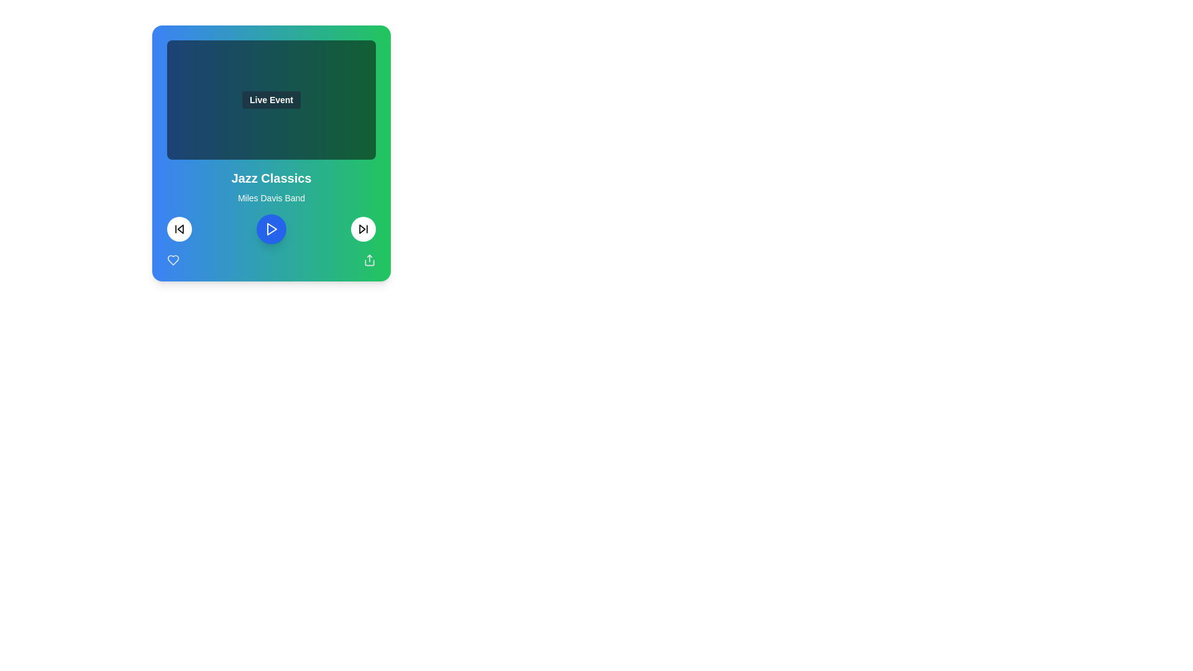  Describe the element at coordinates (270, 229) in the screenshot. I see `the centrally placed 'Play' button below the 'Jazz Classics' text to initiate playback of the associated media` at that location.